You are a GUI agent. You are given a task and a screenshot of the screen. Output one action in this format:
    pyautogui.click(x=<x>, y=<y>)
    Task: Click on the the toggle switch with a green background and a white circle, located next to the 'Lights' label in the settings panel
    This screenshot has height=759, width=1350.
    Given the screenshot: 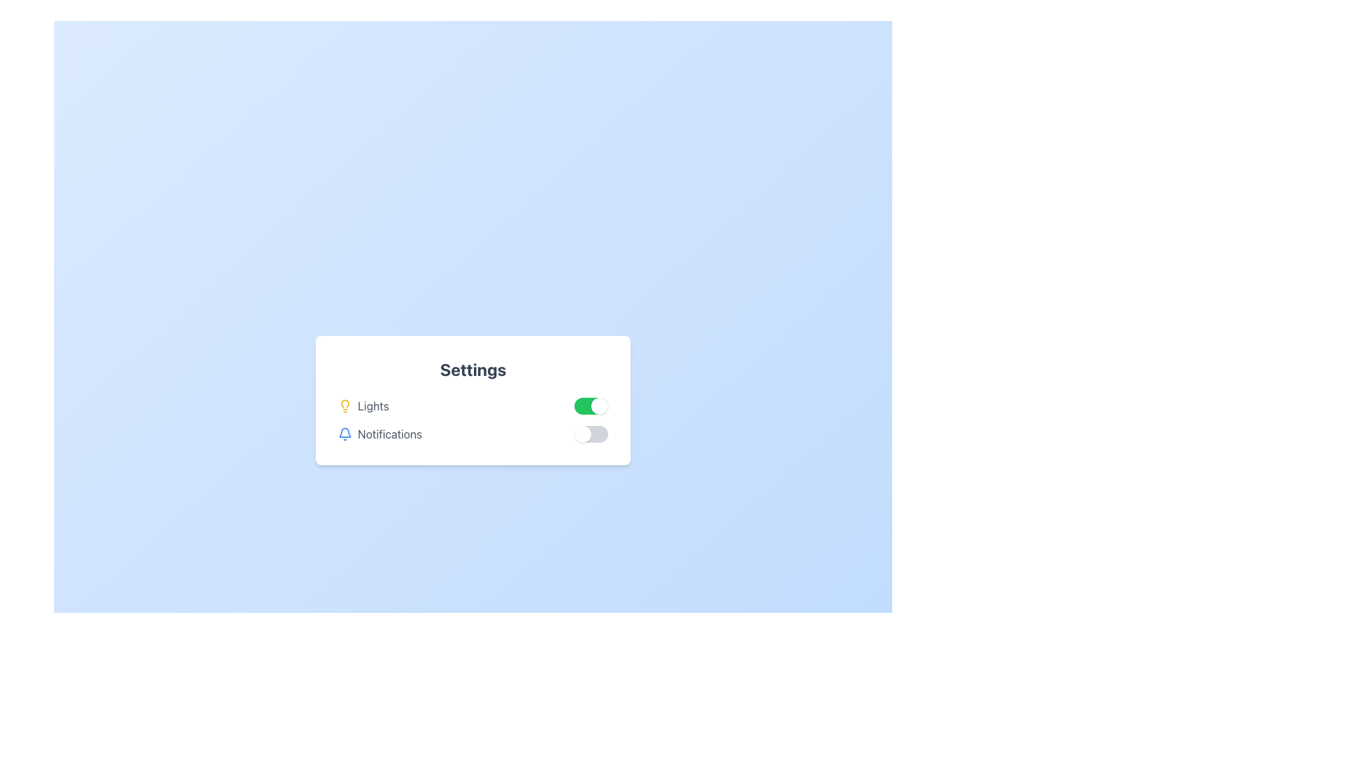 What is the action you would take?
    pyautogui.click(x=591, y=406)
    